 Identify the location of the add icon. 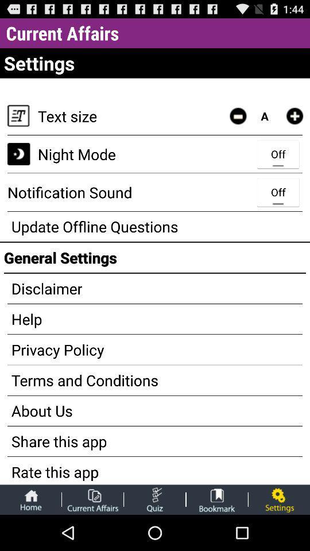
(294, 124).